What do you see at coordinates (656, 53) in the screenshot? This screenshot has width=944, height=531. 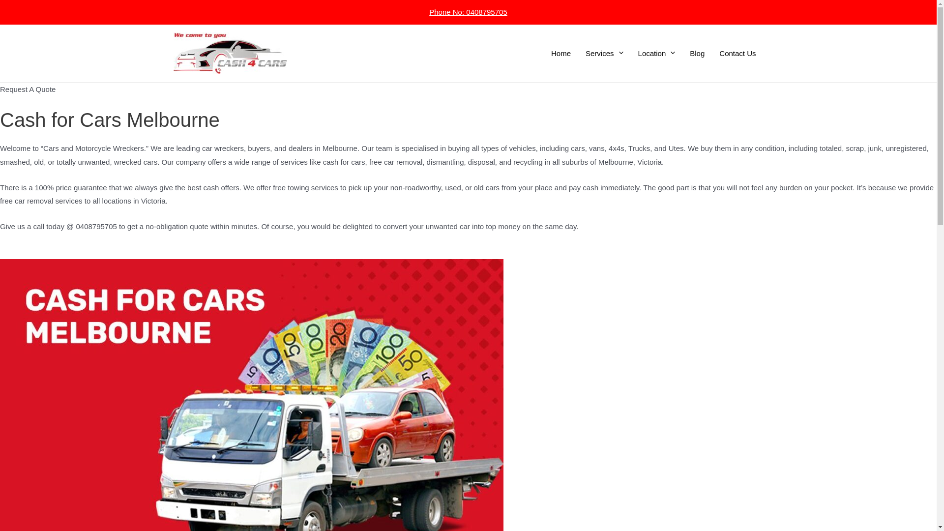 I see `'Location'` at bounding box center [656, 53].